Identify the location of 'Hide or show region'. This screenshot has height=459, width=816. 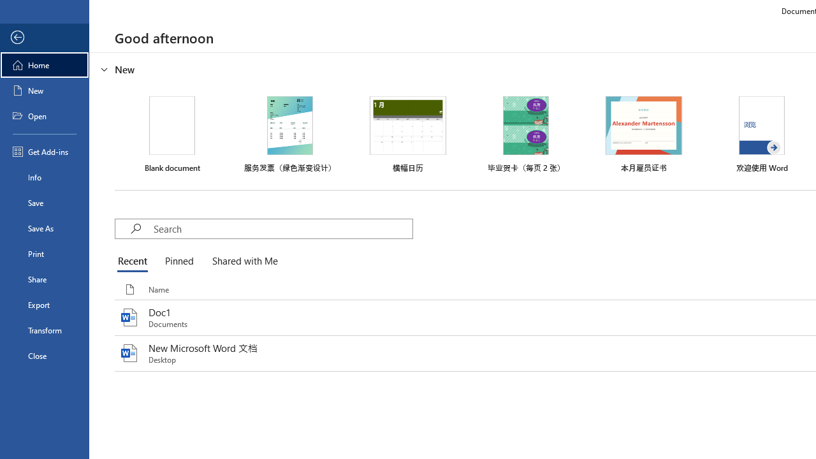
(105, 69).